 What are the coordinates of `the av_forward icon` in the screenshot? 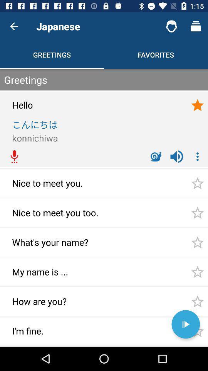 It's located at (185, 324).